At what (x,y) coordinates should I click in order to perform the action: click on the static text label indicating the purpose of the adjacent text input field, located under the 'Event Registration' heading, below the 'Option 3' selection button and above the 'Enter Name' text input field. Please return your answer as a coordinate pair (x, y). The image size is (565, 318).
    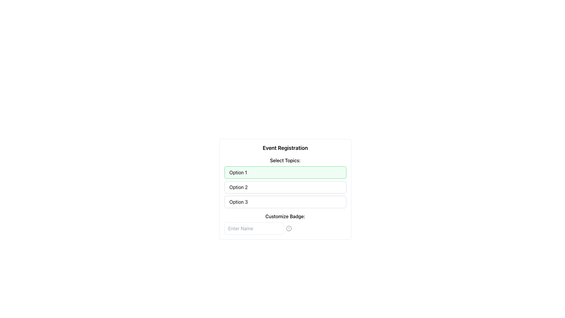
    Looking at the image, I should click on (285, 216).